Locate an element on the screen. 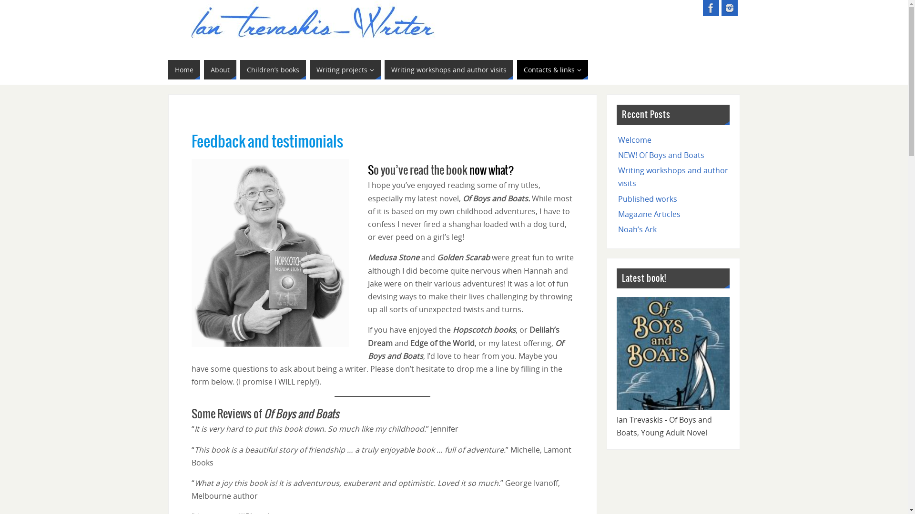 This screenshot has width=915, height=514. 'About' is located at coordinates (219, 69).